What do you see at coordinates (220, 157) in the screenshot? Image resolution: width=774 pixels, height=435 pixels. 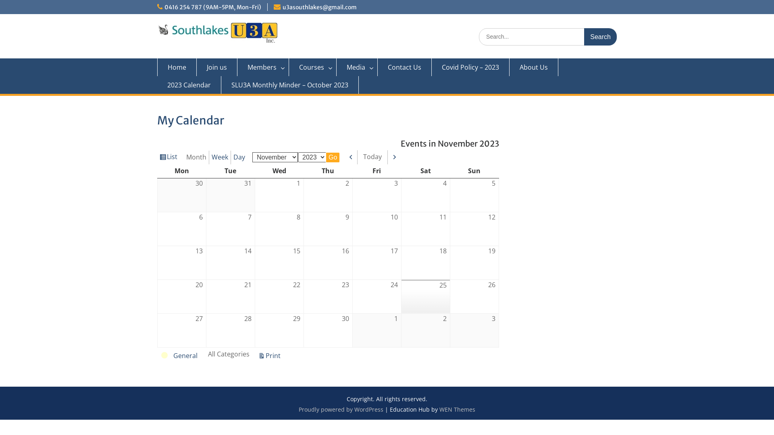 I see `'Week'` at bounding box center [220, 157].